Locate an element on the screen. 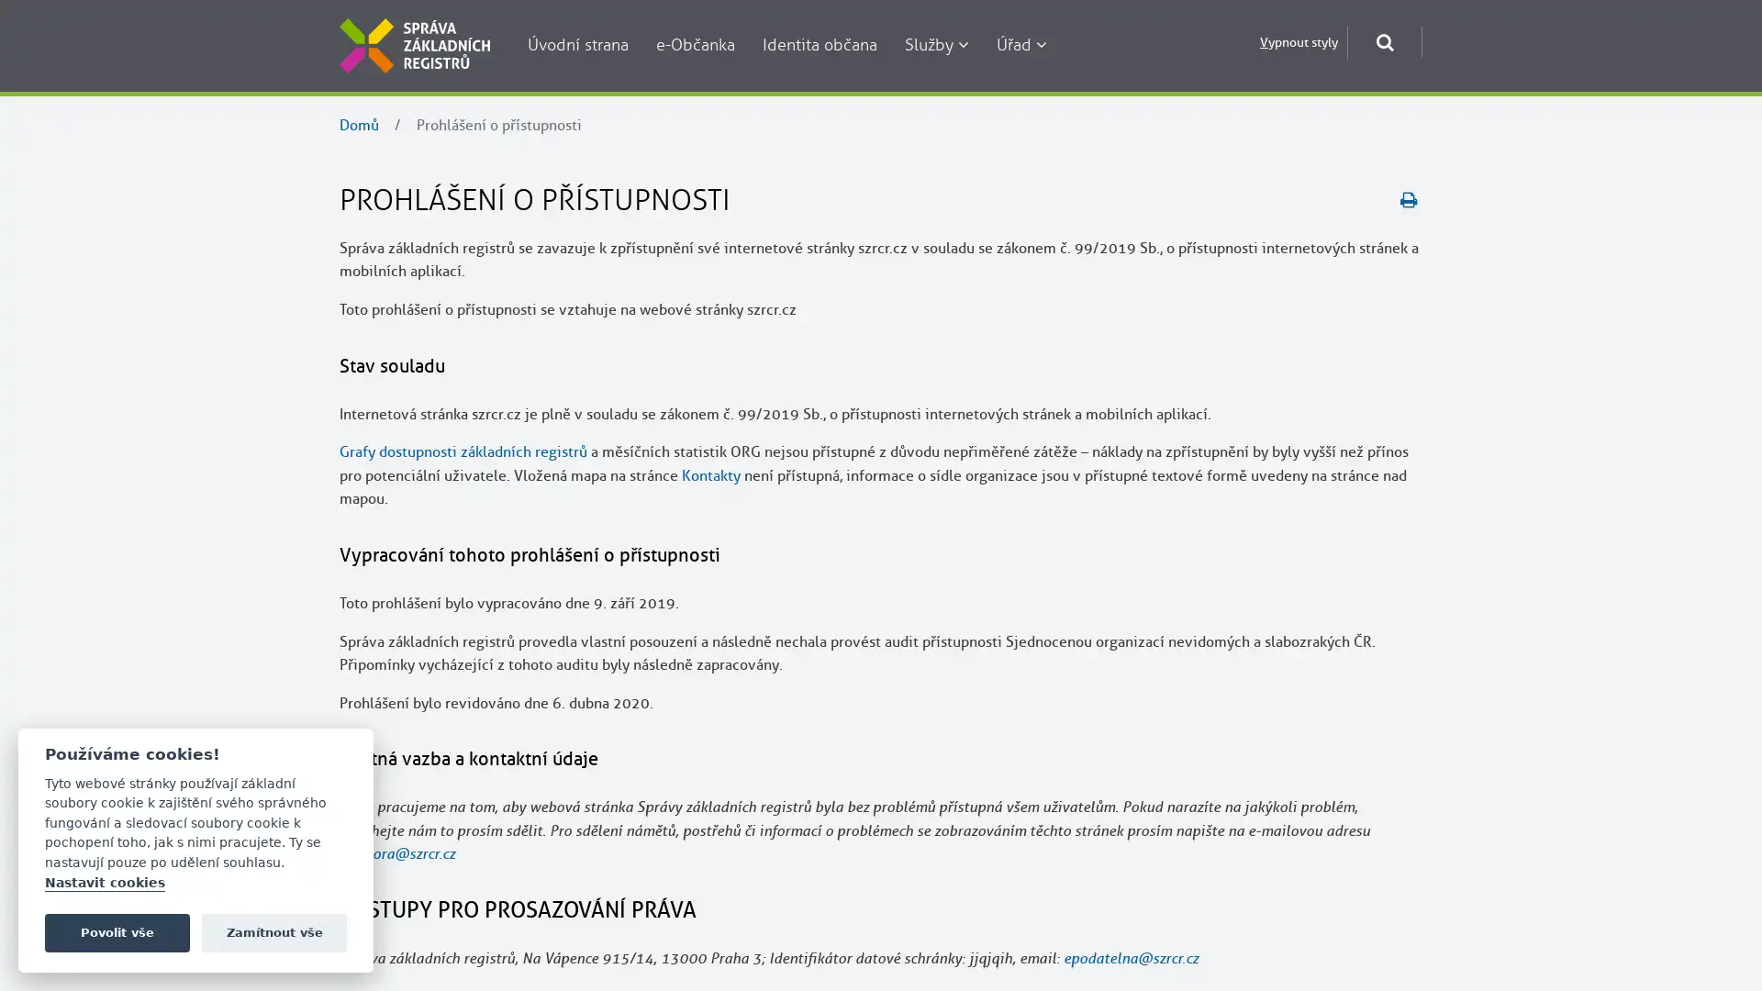 This screenshot has width=1762, height=991. Zamitnout vse is located at coordinates (273, 931).